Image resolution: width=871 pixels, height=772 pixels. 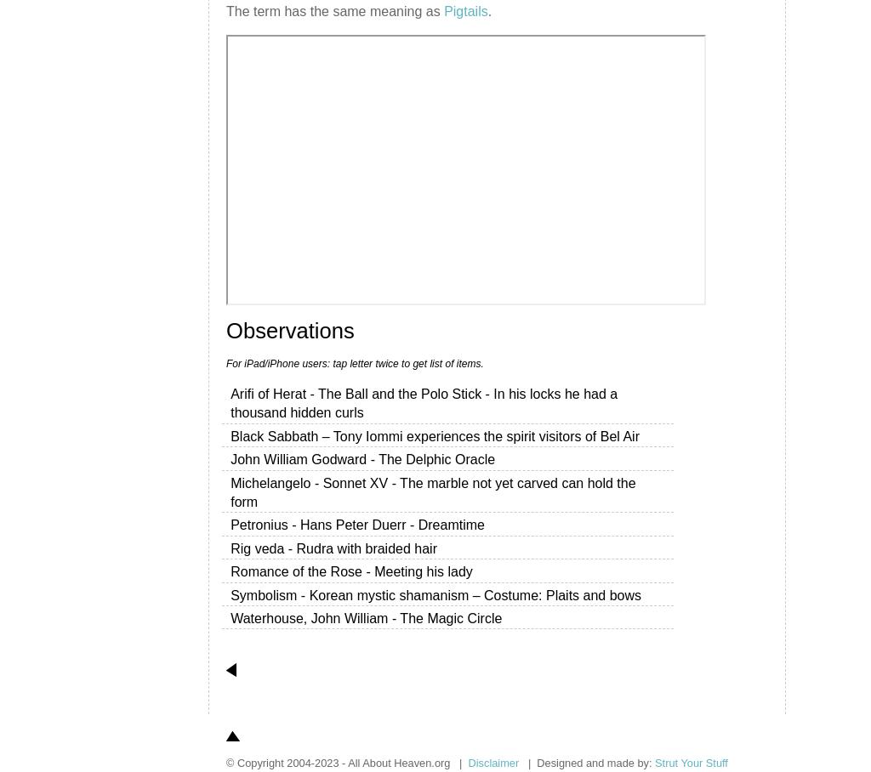 What do you see at coordinates (435, 593) in the screenshot?
I see `'Symbolism - Korean mystic shamanism – Costume: Plaits and bows'` at bounding box center [435, 593].